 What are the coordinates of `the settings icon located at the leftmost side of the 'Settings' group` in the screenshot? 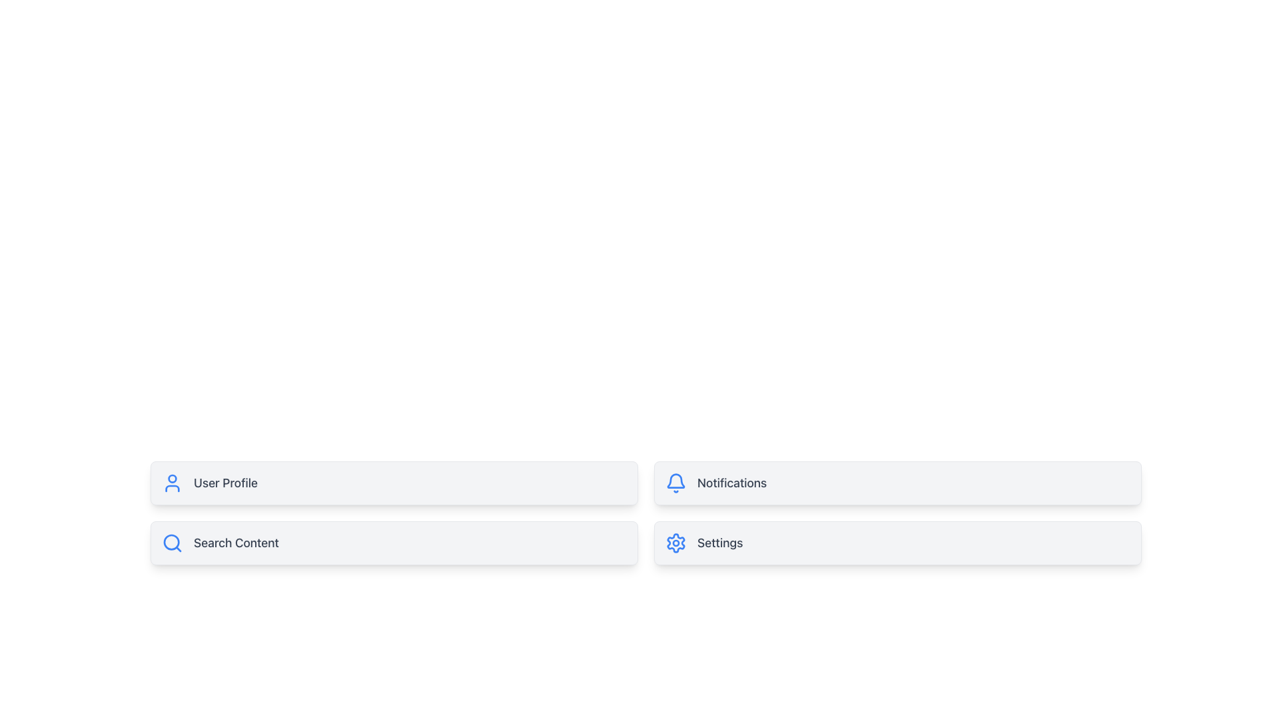 It's located at (675, 543).